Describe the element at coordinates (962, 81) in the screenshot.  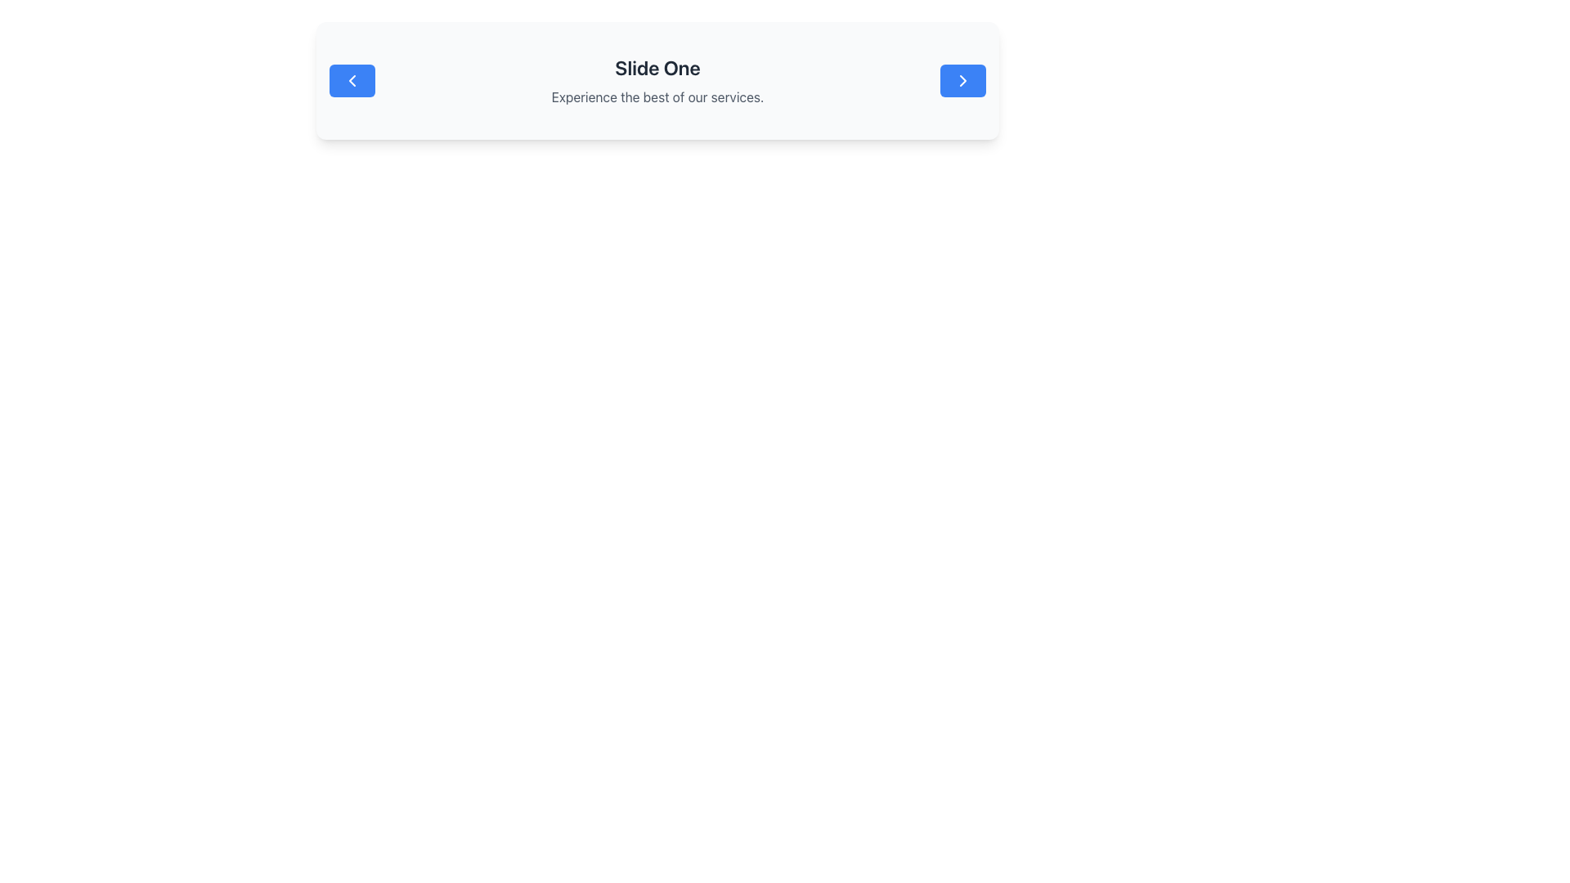
I see `the forward-moving icon located inside the blue button on the right side of the header` at that location.